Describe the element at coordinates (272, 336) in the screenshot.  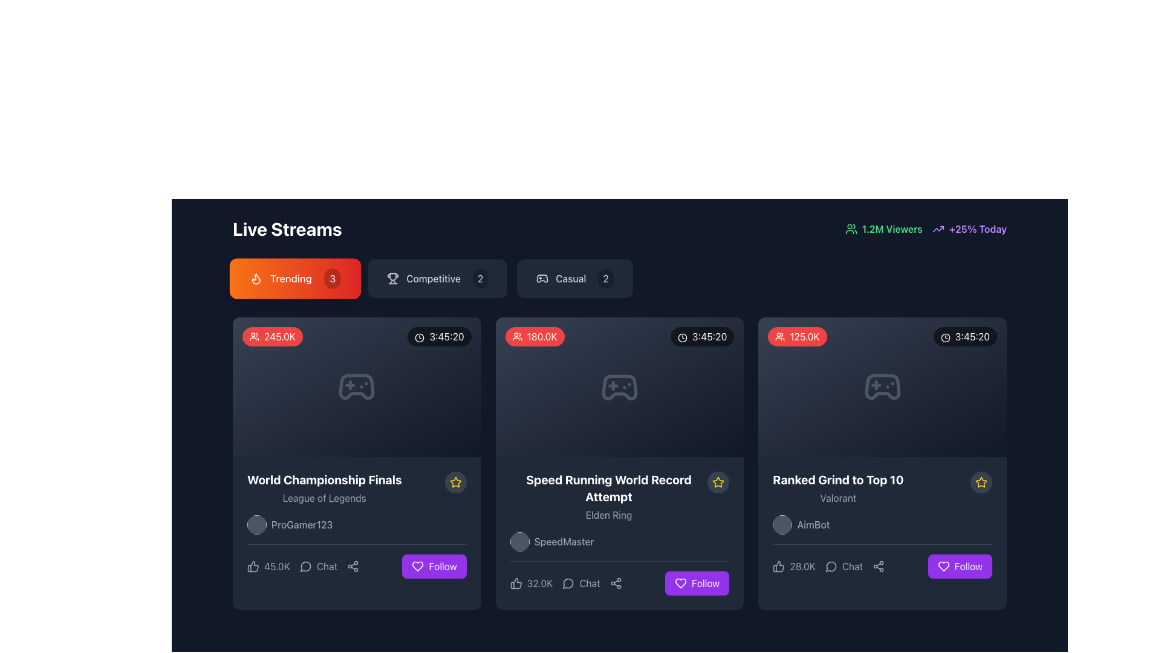
I see `the red rounded rectangular button containing a white icon of a group of people and the text '245.0K' located in the 'Trending' section at the top-left corner of the card-like layout` at that location.